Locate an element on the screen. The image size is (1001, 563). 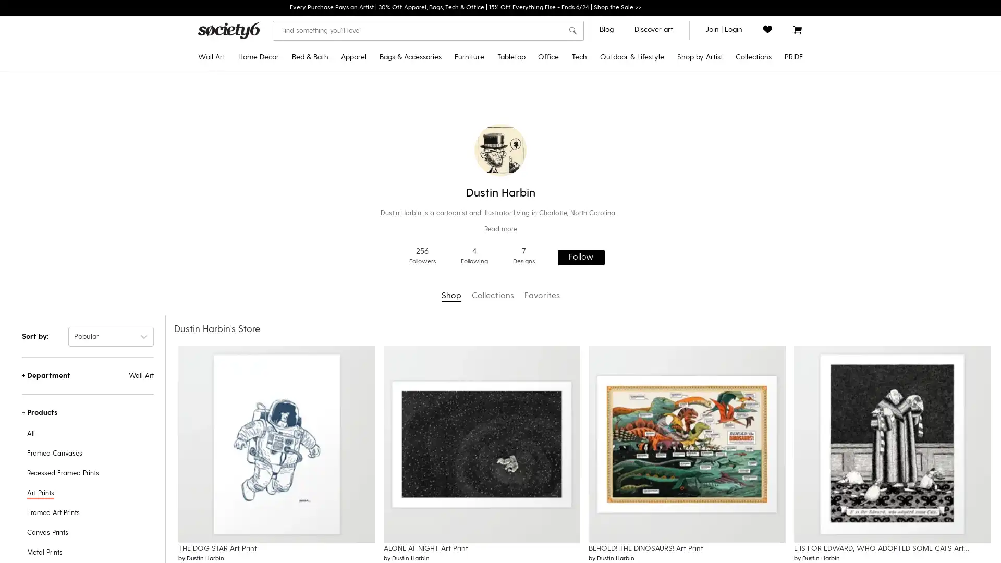
Acrylic Boxes is located at coordinates (574, 168).